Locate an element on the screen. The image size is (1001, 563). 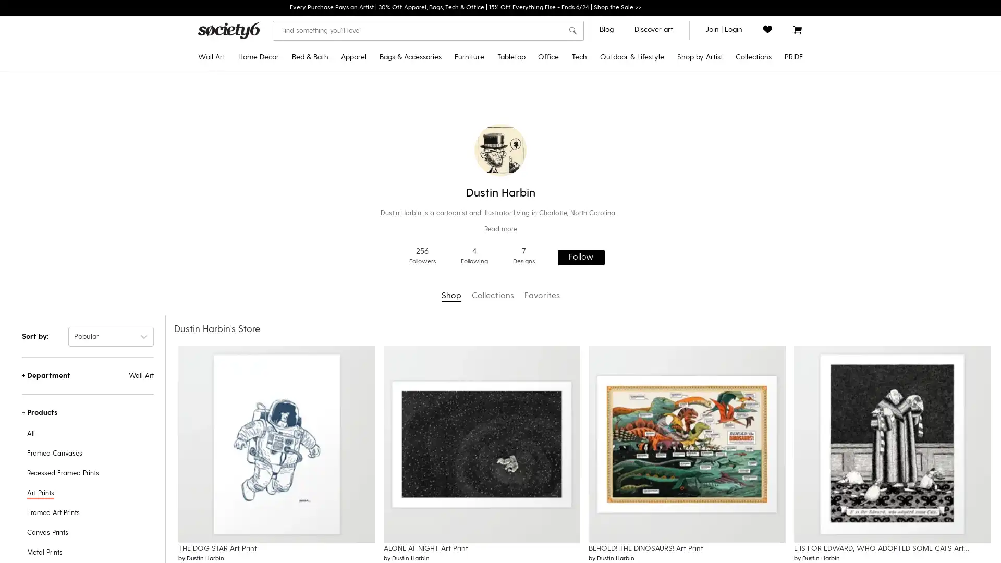
Acrylic Boxes is located at coordinates (574, 168).